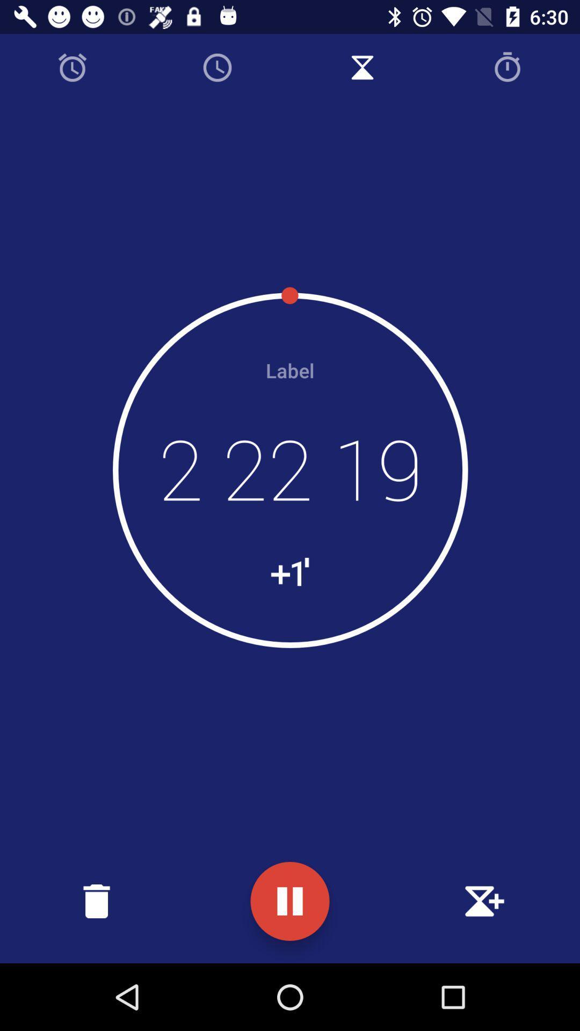  I want to click on the pause icon, so click(290, 901).